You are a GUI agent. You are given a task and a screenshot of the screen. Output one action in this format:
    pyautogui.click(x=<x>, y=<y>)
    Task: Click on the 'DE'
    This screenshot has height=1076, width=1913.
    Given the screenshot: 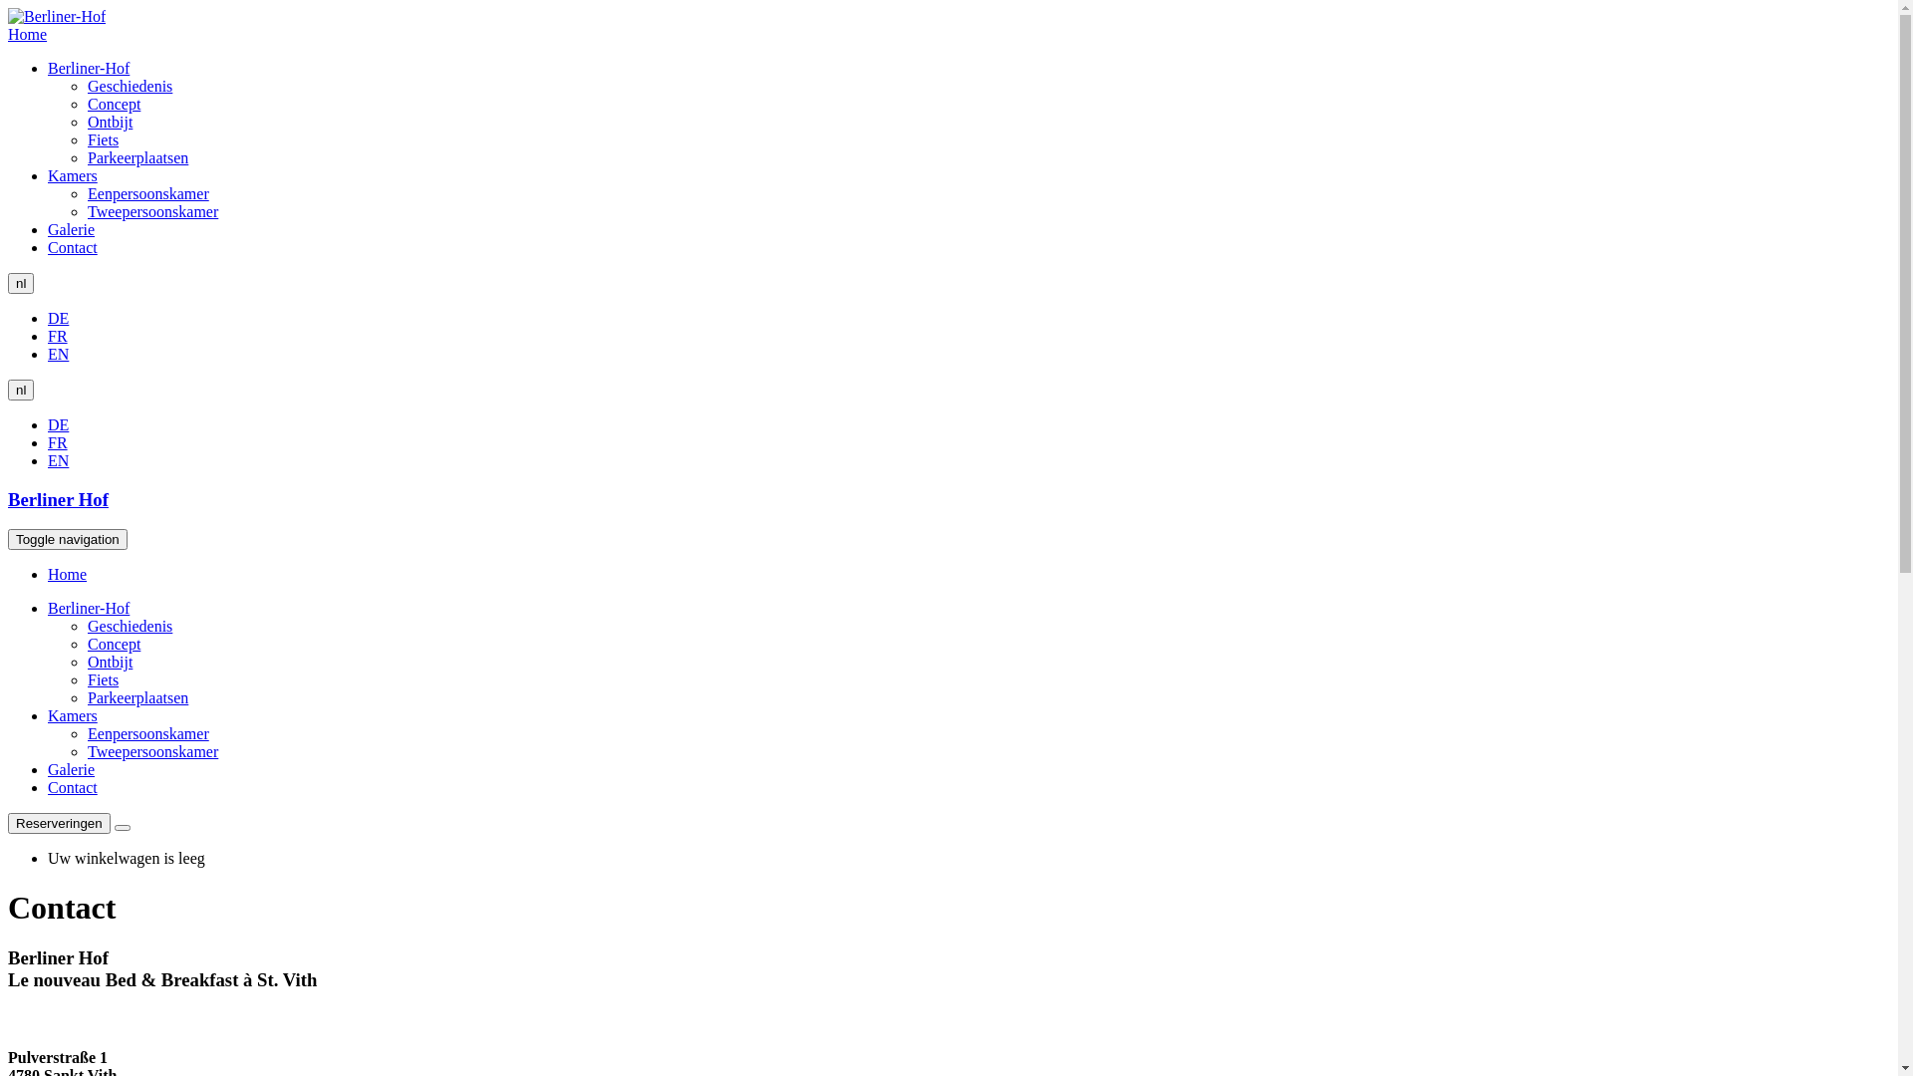 What is the action you would take?
    pyautogui.click(x=58, y=423)
    